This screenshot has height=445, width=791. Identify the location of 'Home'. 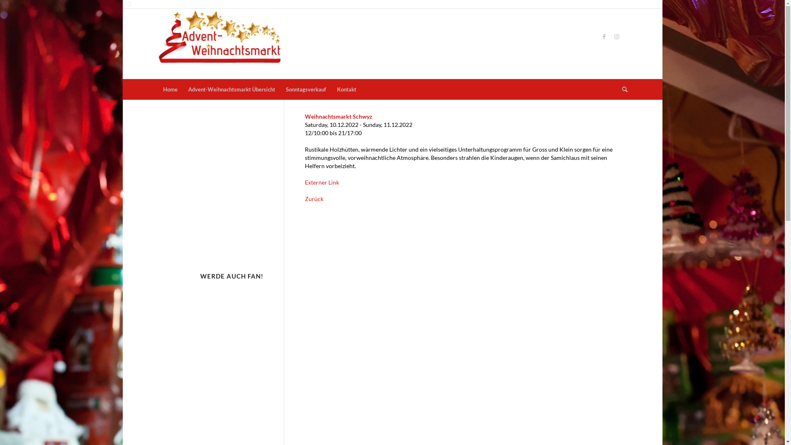
(157, 89).